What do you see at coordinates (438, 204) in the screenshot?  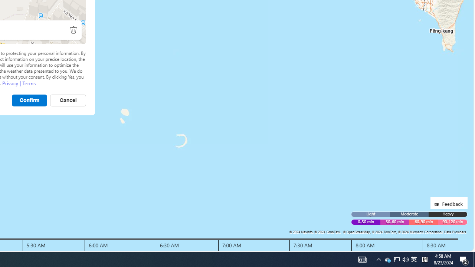 I see `'Class: feedback_link_icon-DS-EntryPoint1-1'` at bounding box center [438, 204].